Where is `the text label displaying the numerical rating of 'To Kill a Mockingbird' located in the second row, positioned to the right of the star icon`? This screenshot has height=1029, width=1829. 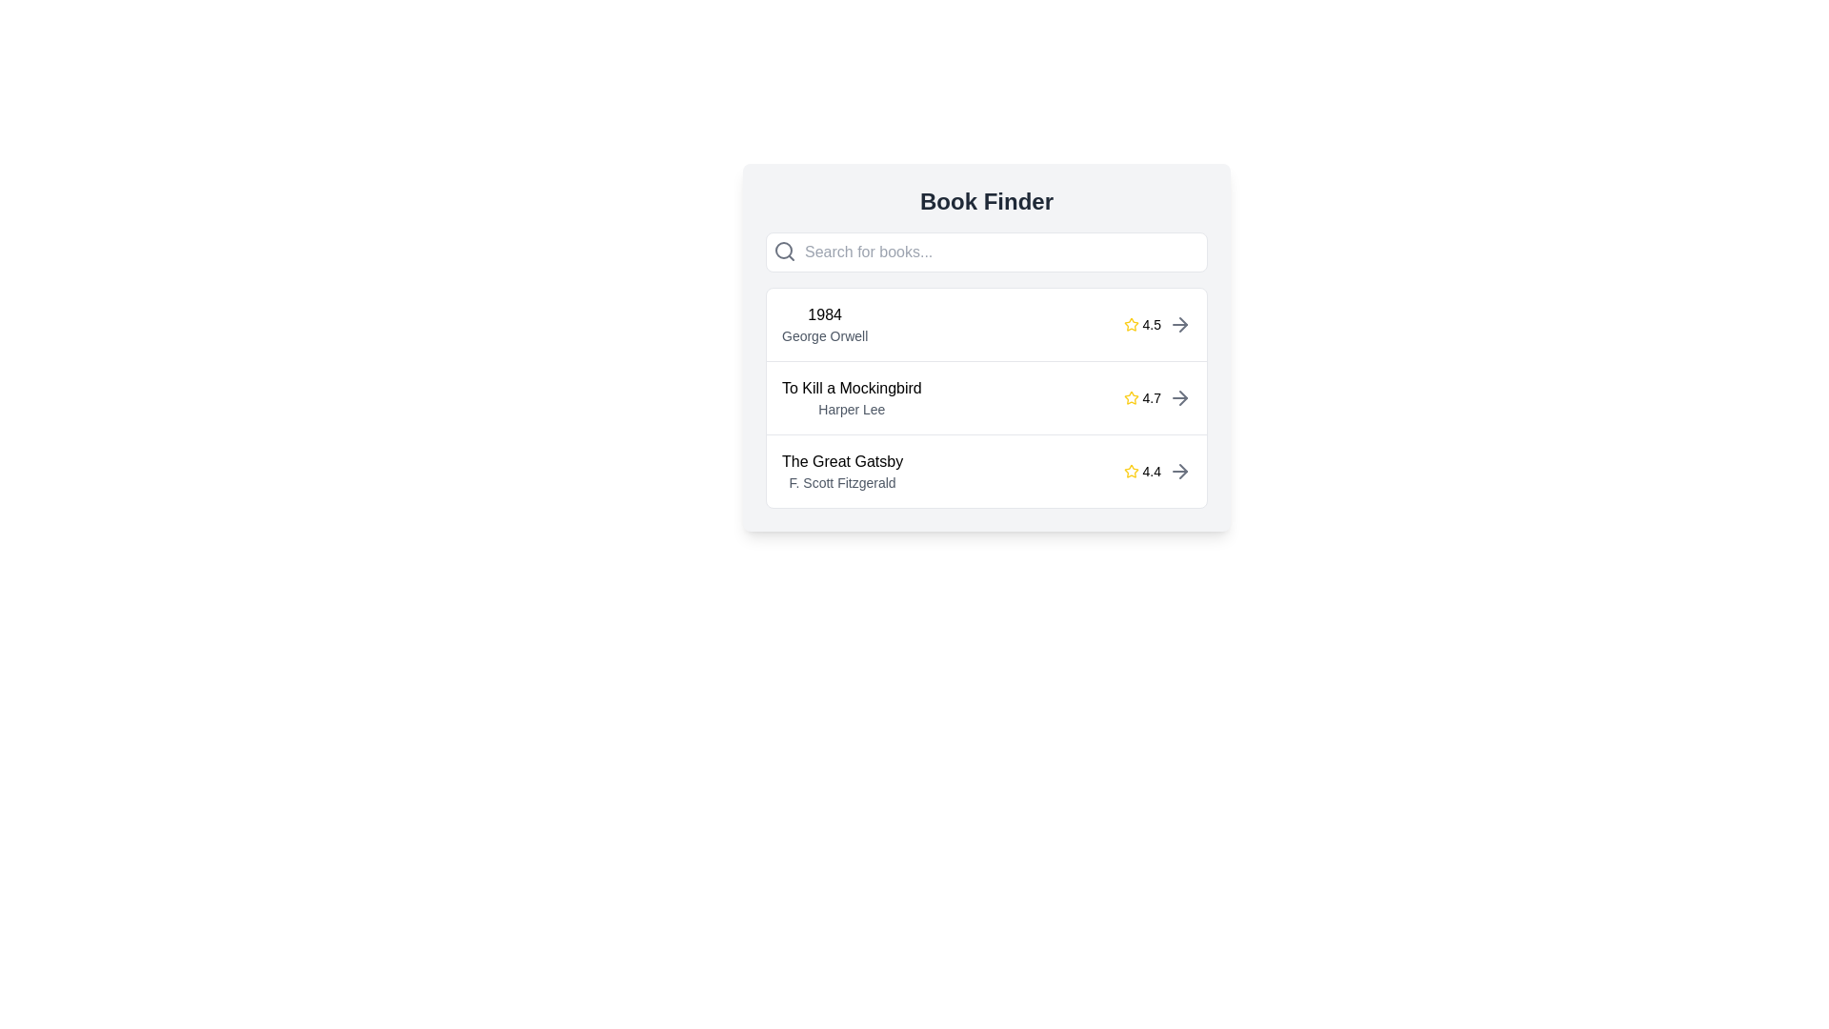
the text label displaying the numerical rating of 'To Kill a Mockingbird' located in the second row, positioned to the right of the star icon is located at coordinates (1151, 396).